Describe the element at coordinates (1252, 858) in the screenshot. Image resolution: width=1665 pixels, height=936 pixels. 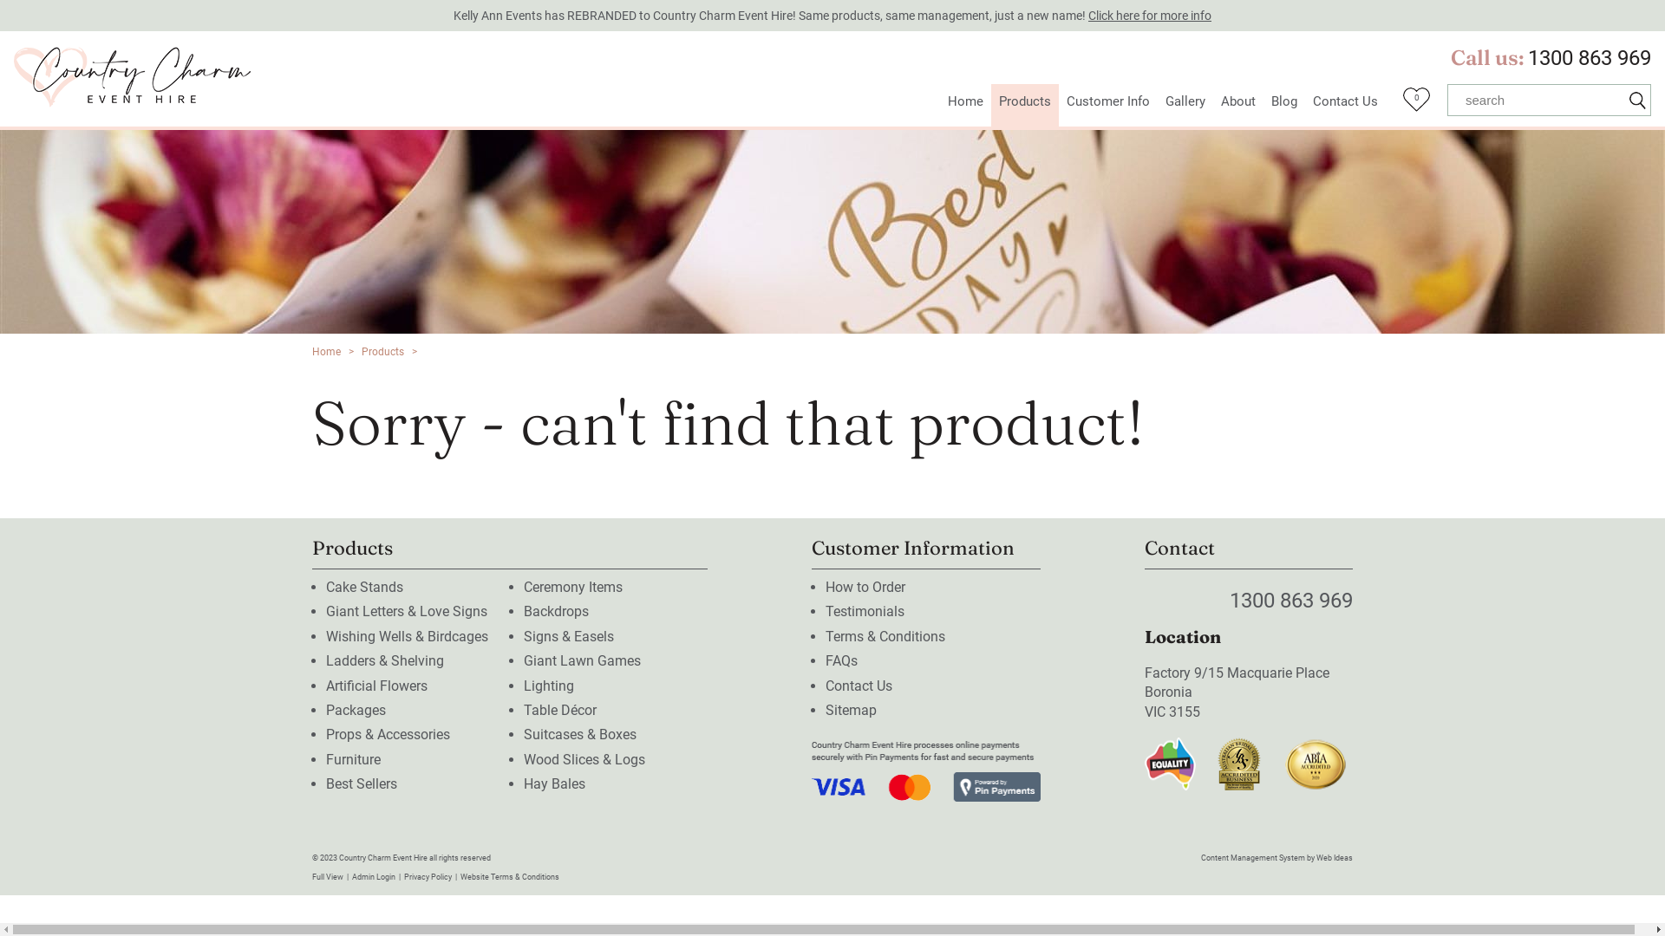
I see `'Content Management System'` at that location.